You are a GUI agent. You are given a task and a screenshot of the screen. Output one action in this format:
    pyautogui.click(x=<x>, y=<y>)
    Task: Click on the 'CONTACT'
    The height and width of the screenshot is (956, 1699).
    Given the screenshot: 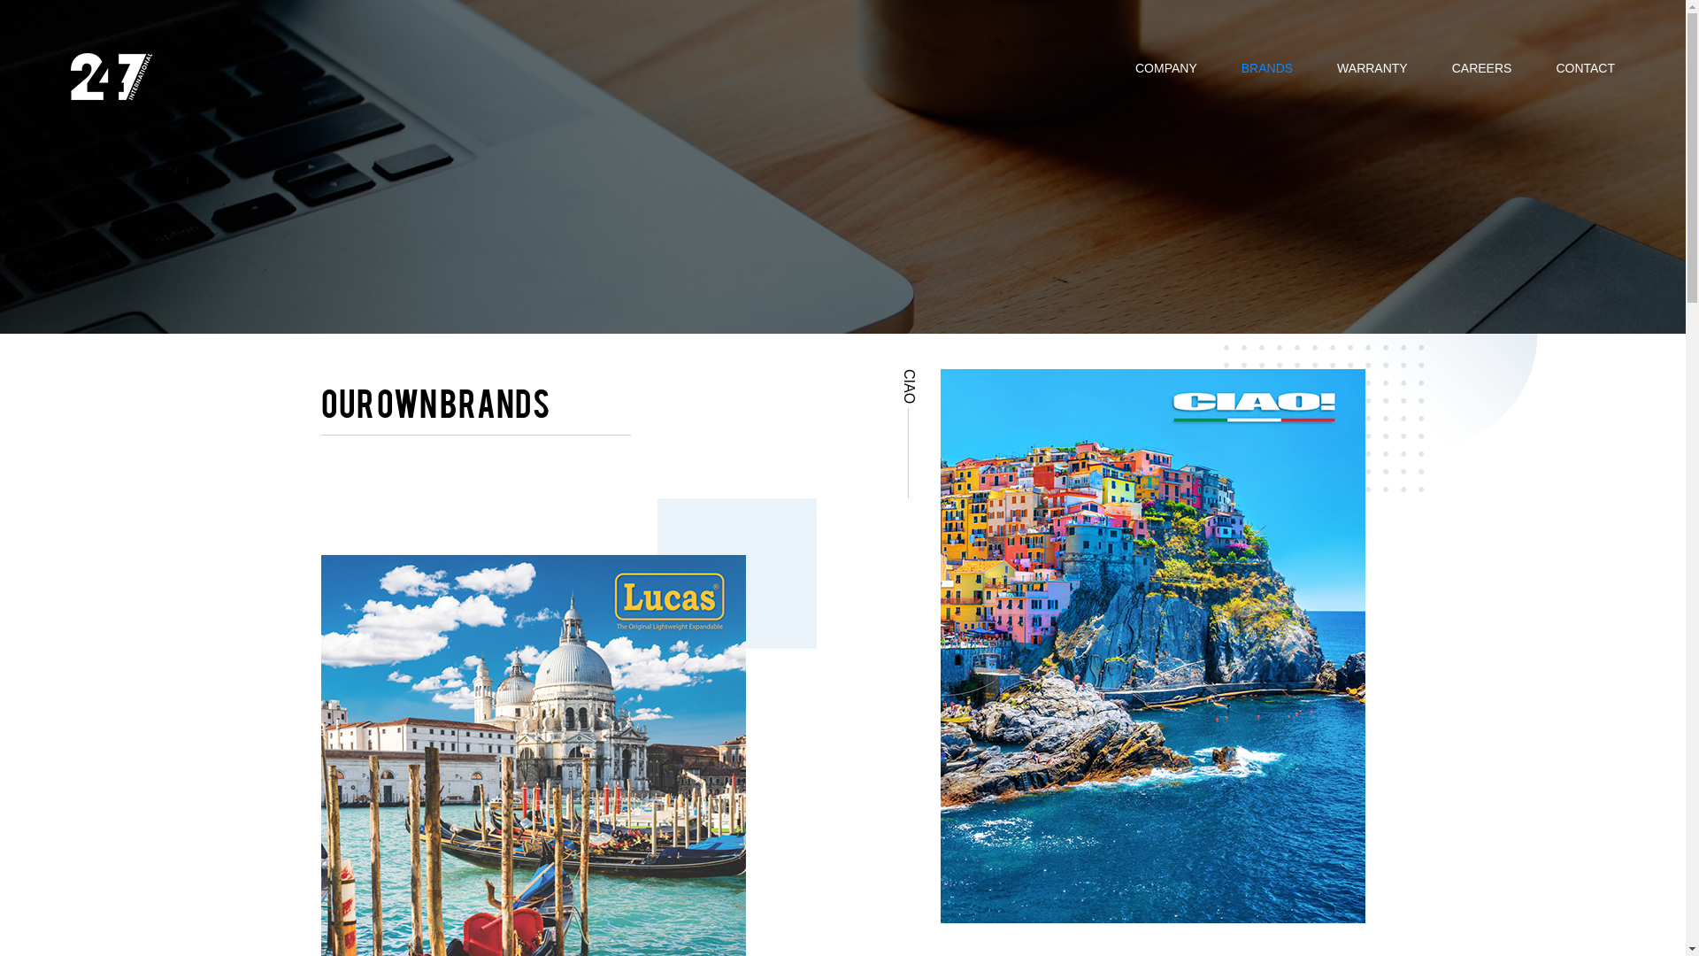 What is the action you would take?
    pyautogui.click(x=1585, y=65)
    